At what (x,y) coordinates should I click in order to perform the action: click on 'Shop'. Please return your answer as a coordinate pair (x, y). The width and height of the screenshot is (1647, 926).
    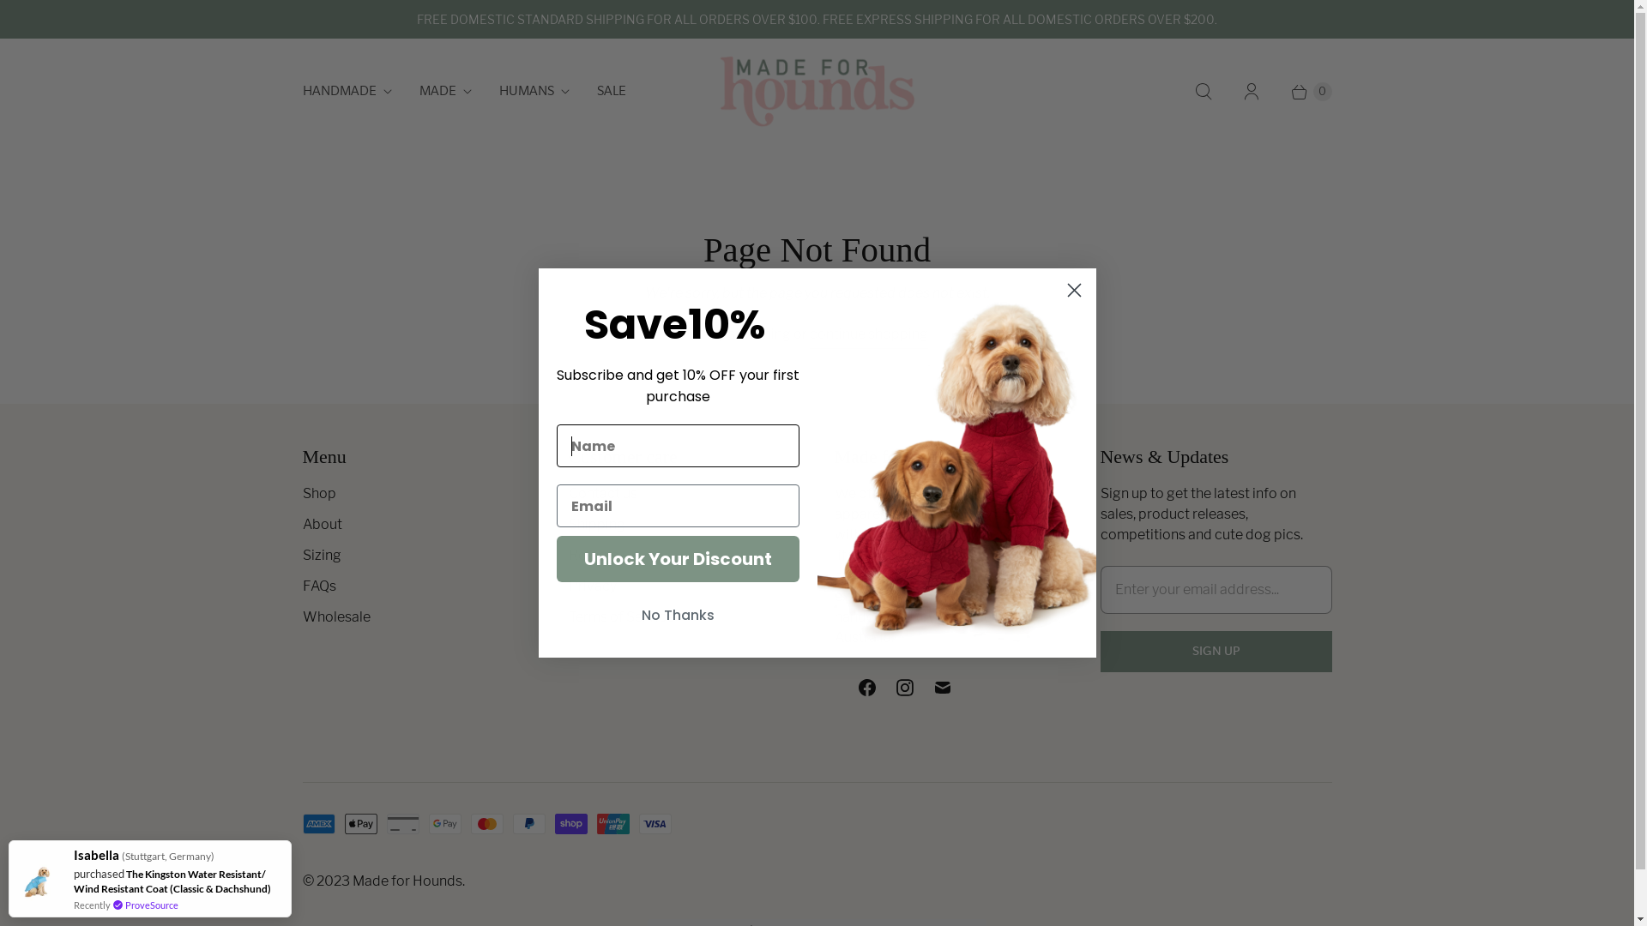
    Looking at the image, I should click on (318, 493).